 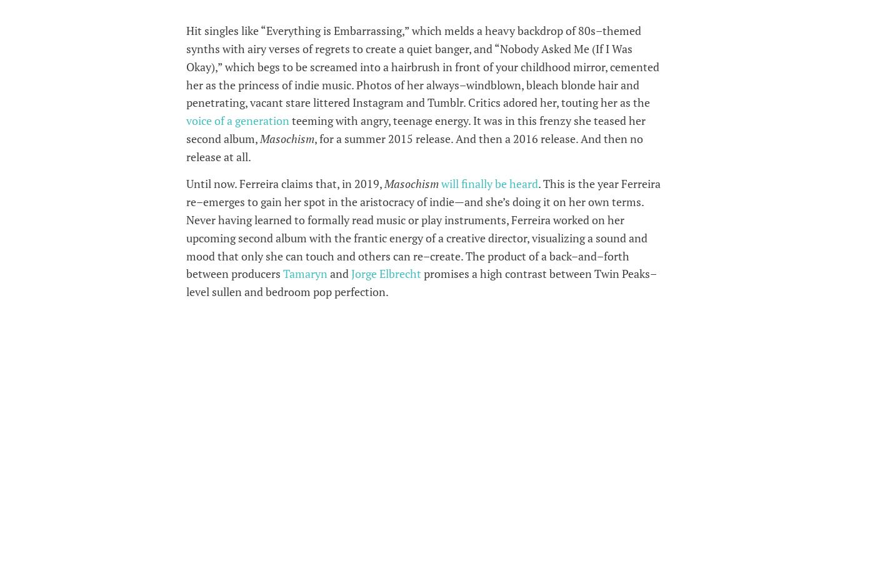 I want to click on 'promises a high contrast between Twin Peaks–level sullen and bedroom pop perfection.', so click(x=185, y=282).